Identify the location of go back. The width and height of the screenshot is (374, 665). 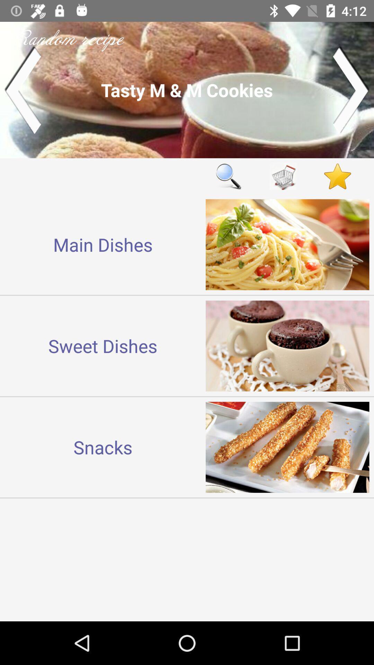
(22, 89).